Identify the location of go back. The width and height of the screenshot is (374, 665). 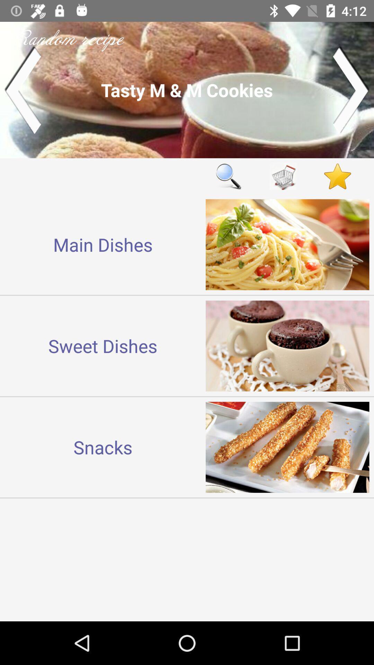
(22, 89).